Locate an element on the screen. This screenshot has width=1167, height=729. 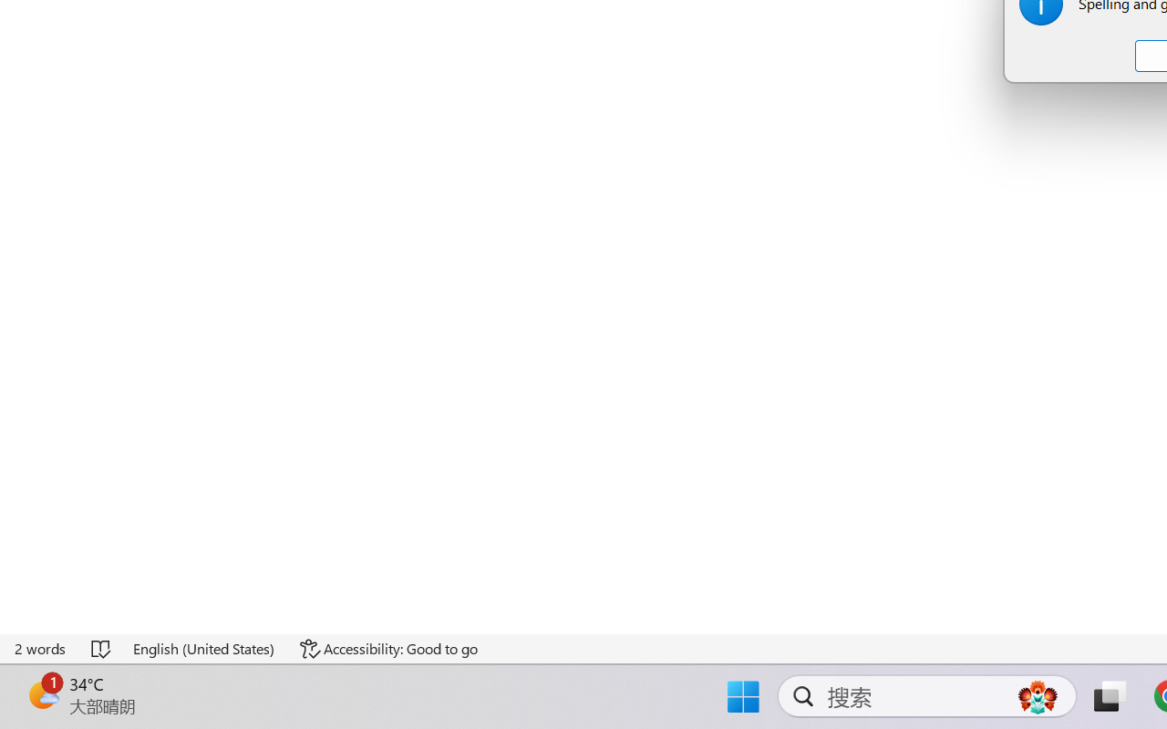
'Language English (United States)' is located at coordinates (204, 648).